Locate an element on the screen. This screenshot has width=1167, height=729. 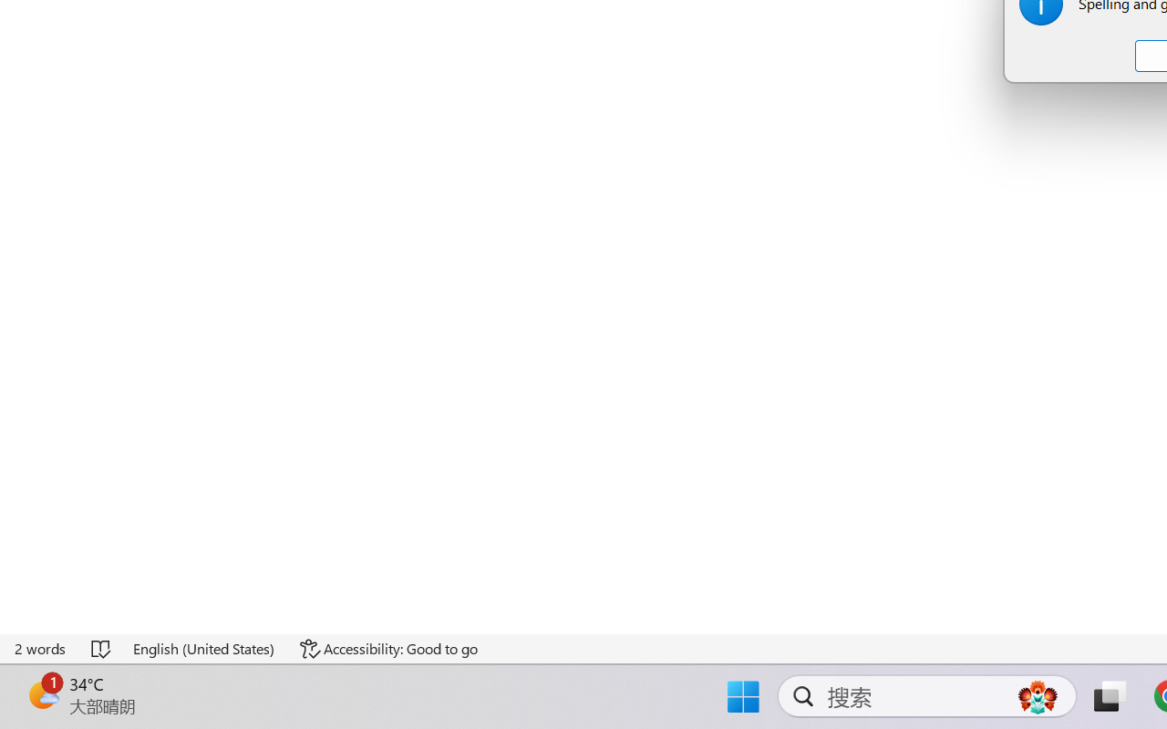
'Language English (United States)' is located at coordinates (204, 648).